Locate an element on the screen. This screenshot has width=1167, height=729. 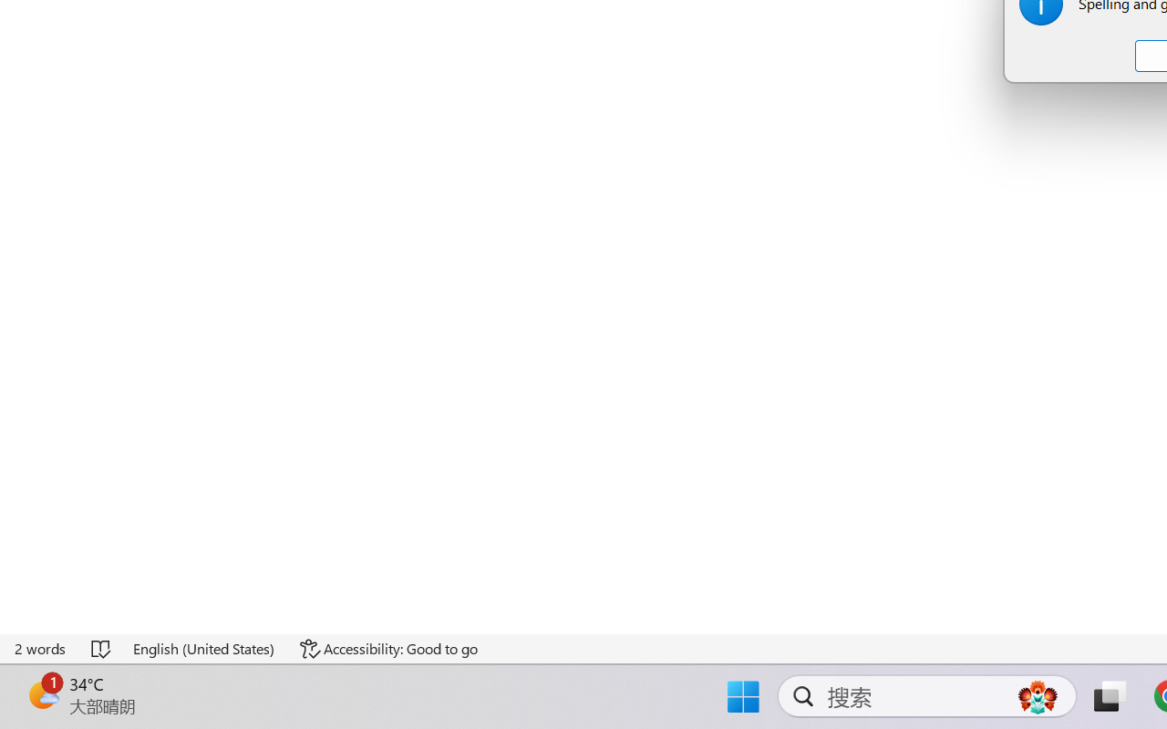
'Language English (United States)' is located at coordinates (204, 648).